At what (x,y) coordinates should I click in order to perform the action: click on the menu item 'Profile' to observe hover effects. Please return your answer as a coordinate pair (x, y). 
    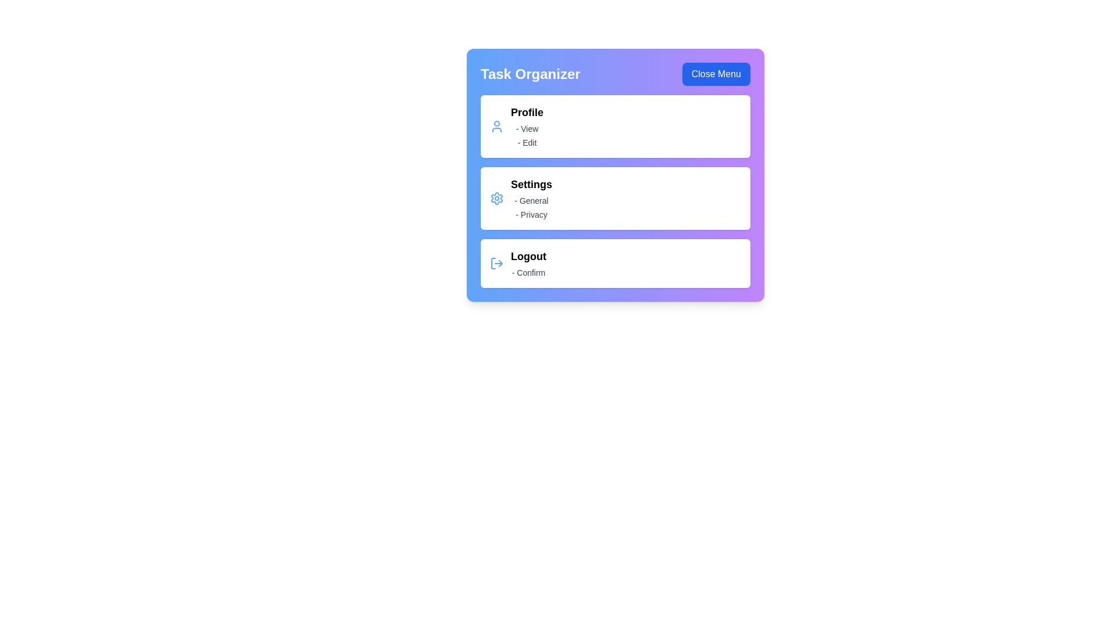
    Looking at the image, I should click on (615, 127).